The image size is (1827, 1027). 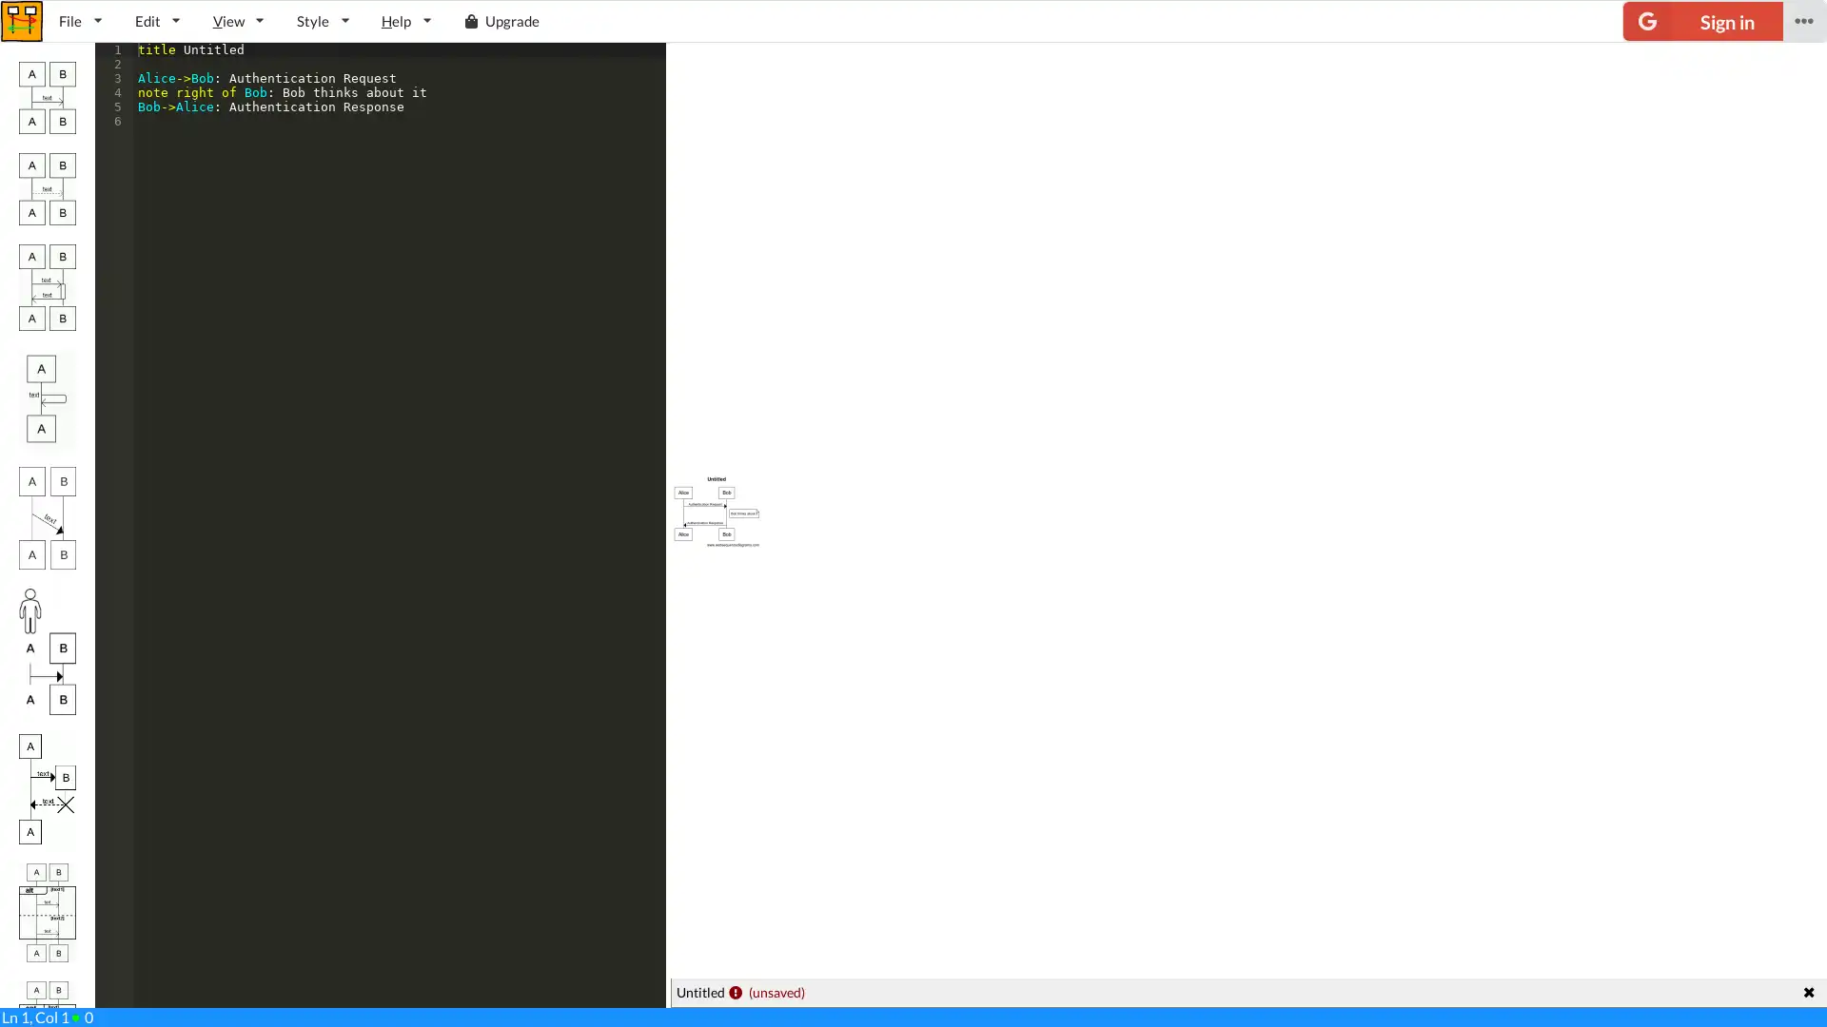 I want to click on Sign in, so click(x=1702, y=21).